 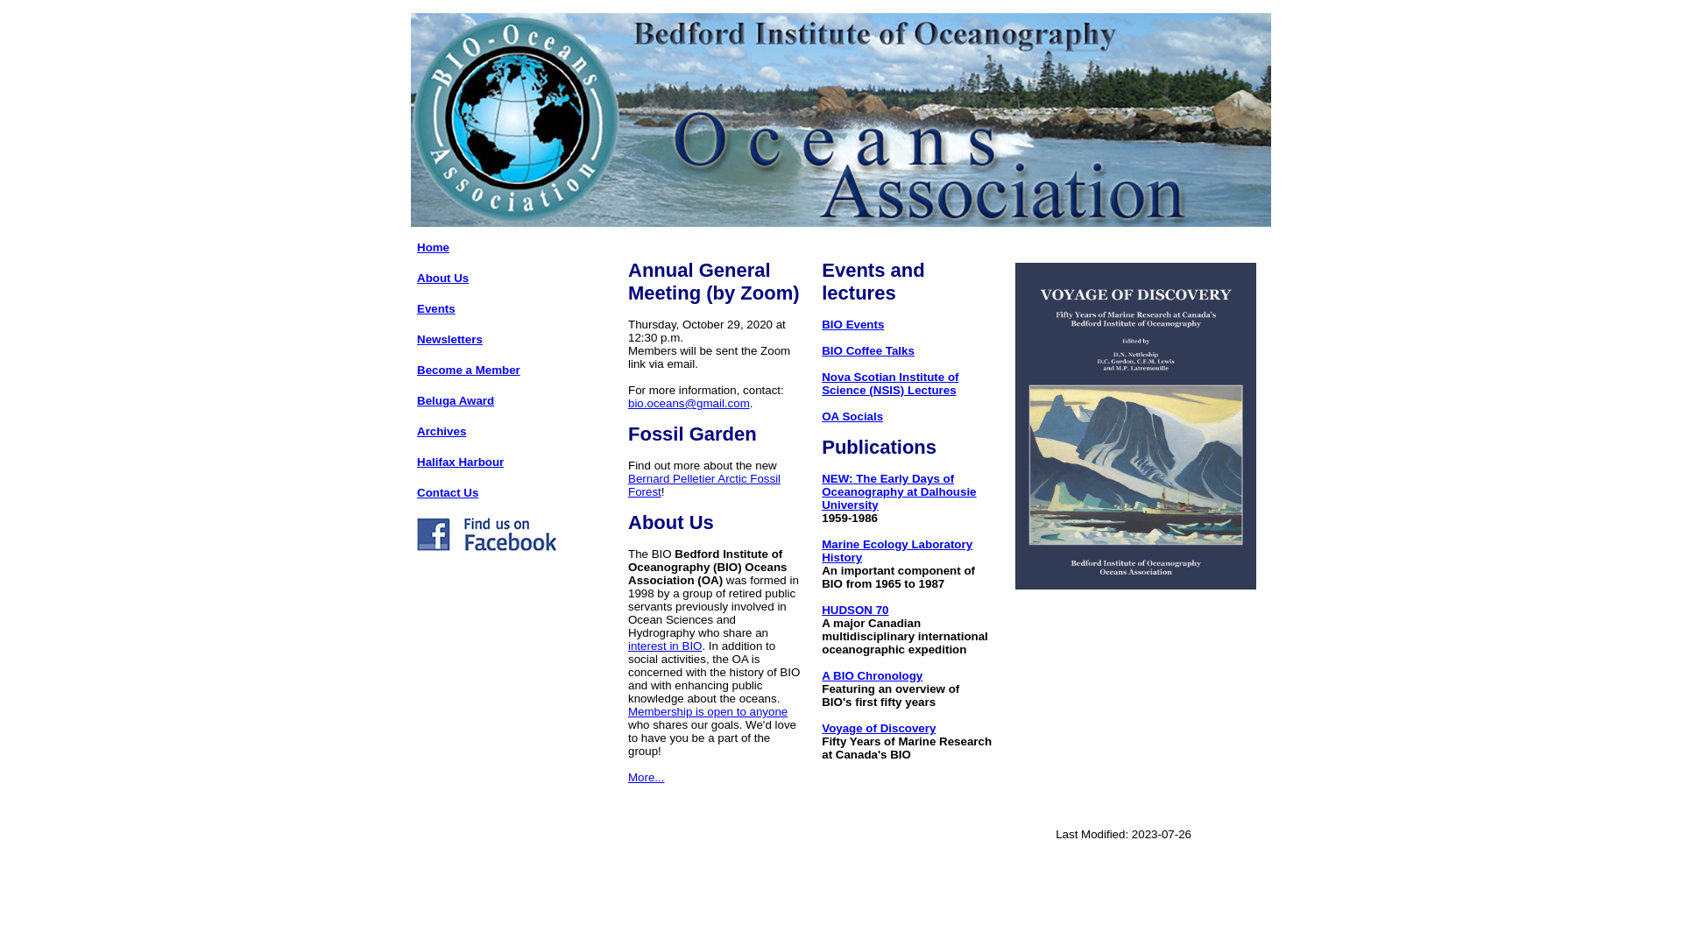 I want to click on 'Marine Ecology Laboratory History', so click(x=896, y=549).